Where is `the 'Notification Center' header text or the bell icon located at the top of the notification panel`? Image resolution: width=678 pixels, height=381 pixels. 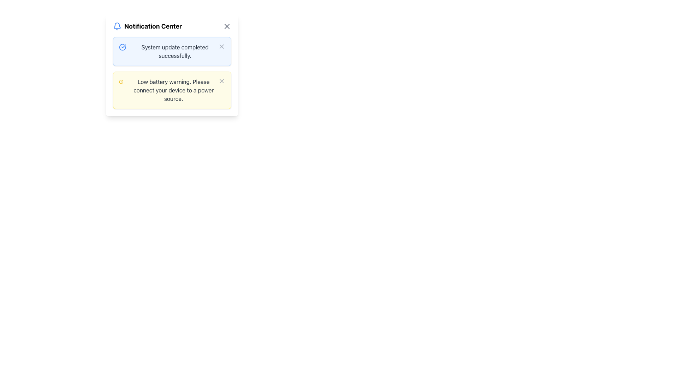
the 'Notification Center' header text or the bell icon located at the top of the notification panel is located at coordinates (172, 26).